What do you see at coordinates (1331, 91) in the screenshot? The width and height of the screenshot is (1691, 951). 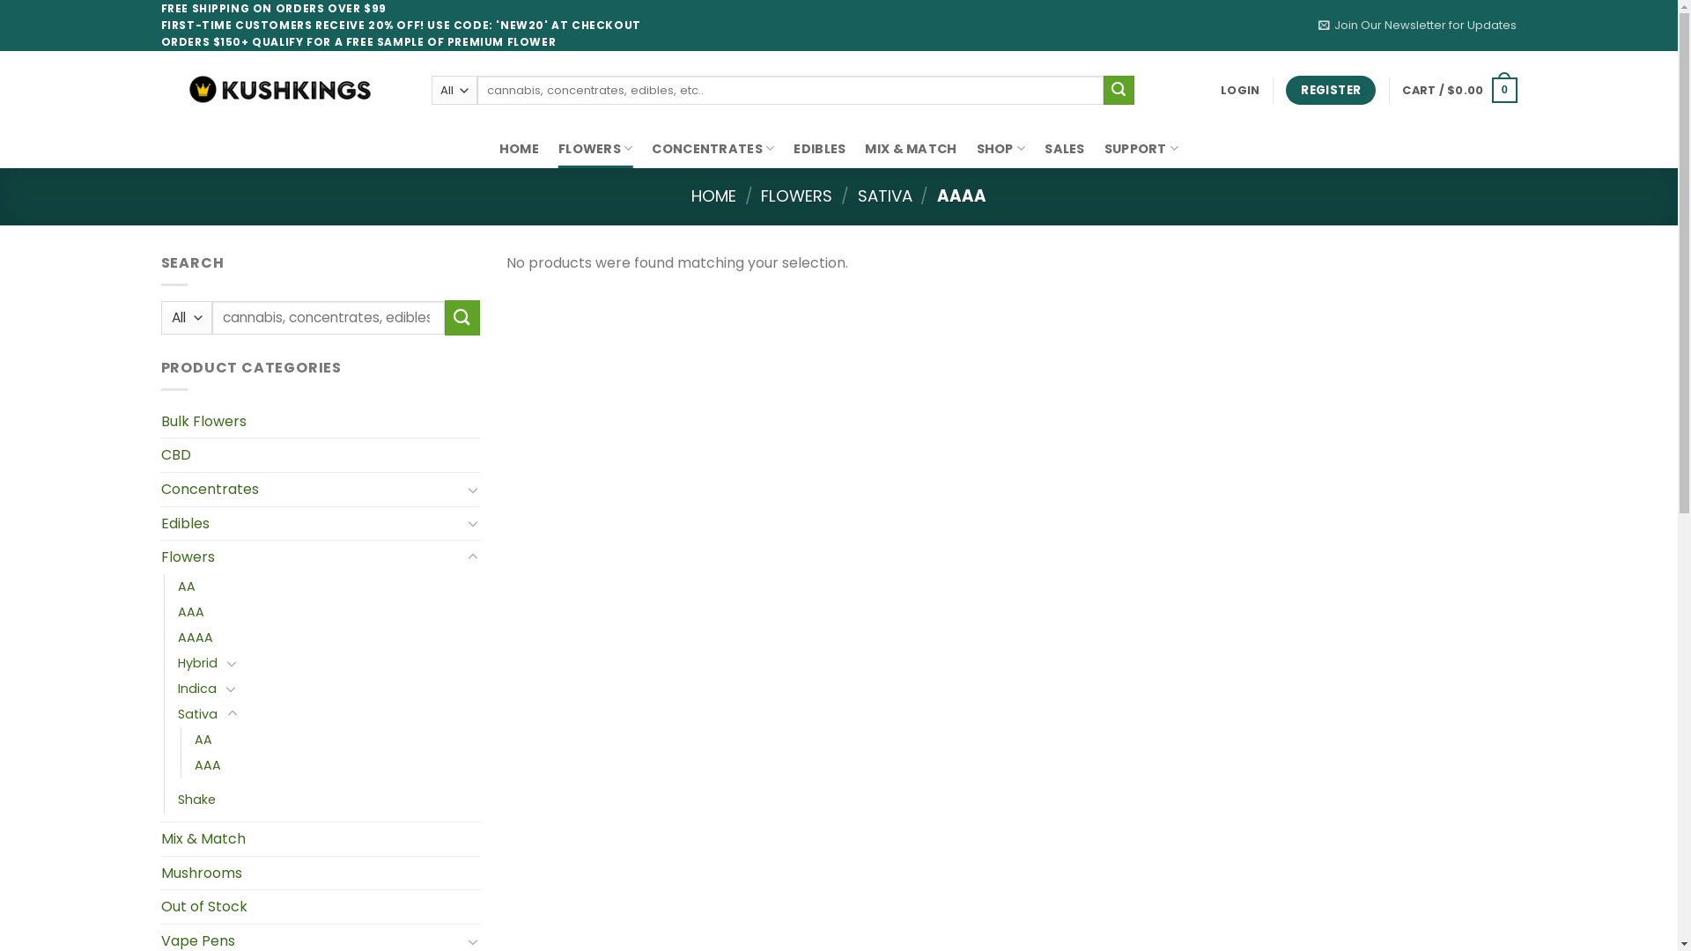 I see `'REGISTER'` at bounding box center [1331, 91].